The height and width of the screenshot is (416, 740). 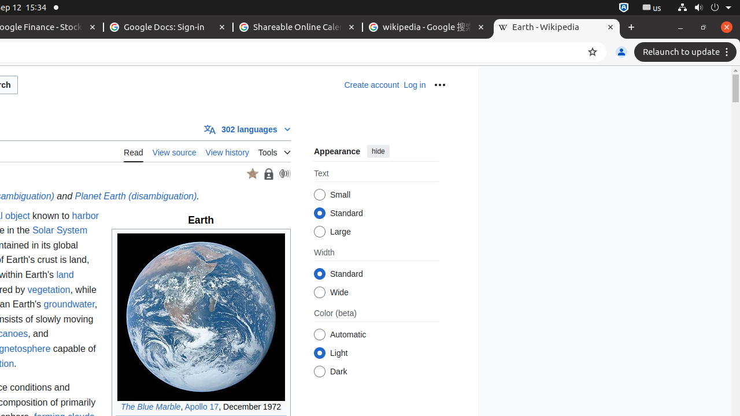 What do you see at coordinates (201, 317) in the screenshot?
I see `'Photograph of Earth taken by the Apollo 17 mission. The Arabian peninsula, Africa and Madagascar lie in the upper half of the disc, whereas Antarctica is at the bottom.'` at bounding box center [201, 317].